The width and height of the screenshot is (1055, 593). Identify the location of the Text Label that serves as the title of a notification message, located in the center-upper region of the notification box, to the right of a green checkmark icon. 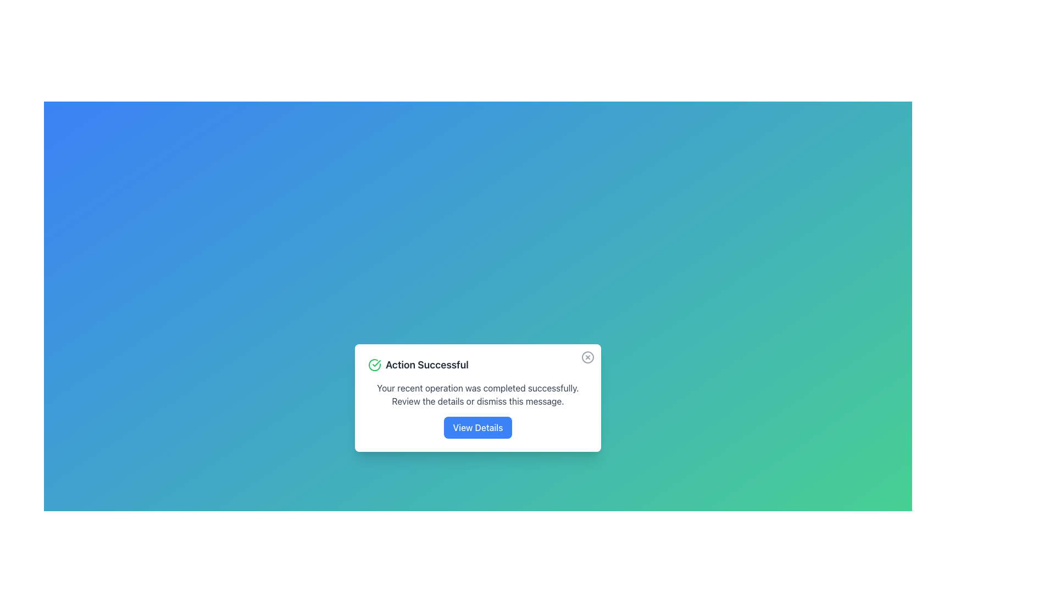
(426, 365).